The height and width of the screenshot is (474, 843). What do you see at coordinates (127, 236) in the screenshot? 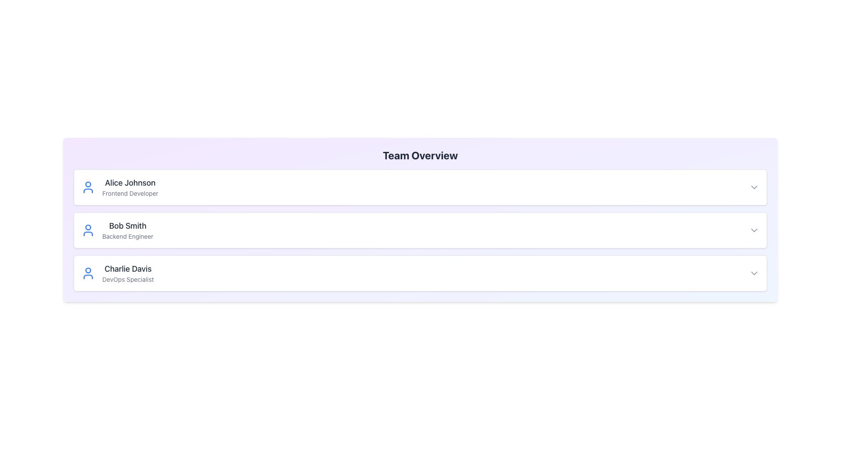
I see `the 'Backend Engineer' text label that is styled in gray and located beneath the name 'Bob Smith' in the user profile list` at bounding box center [127, 236].